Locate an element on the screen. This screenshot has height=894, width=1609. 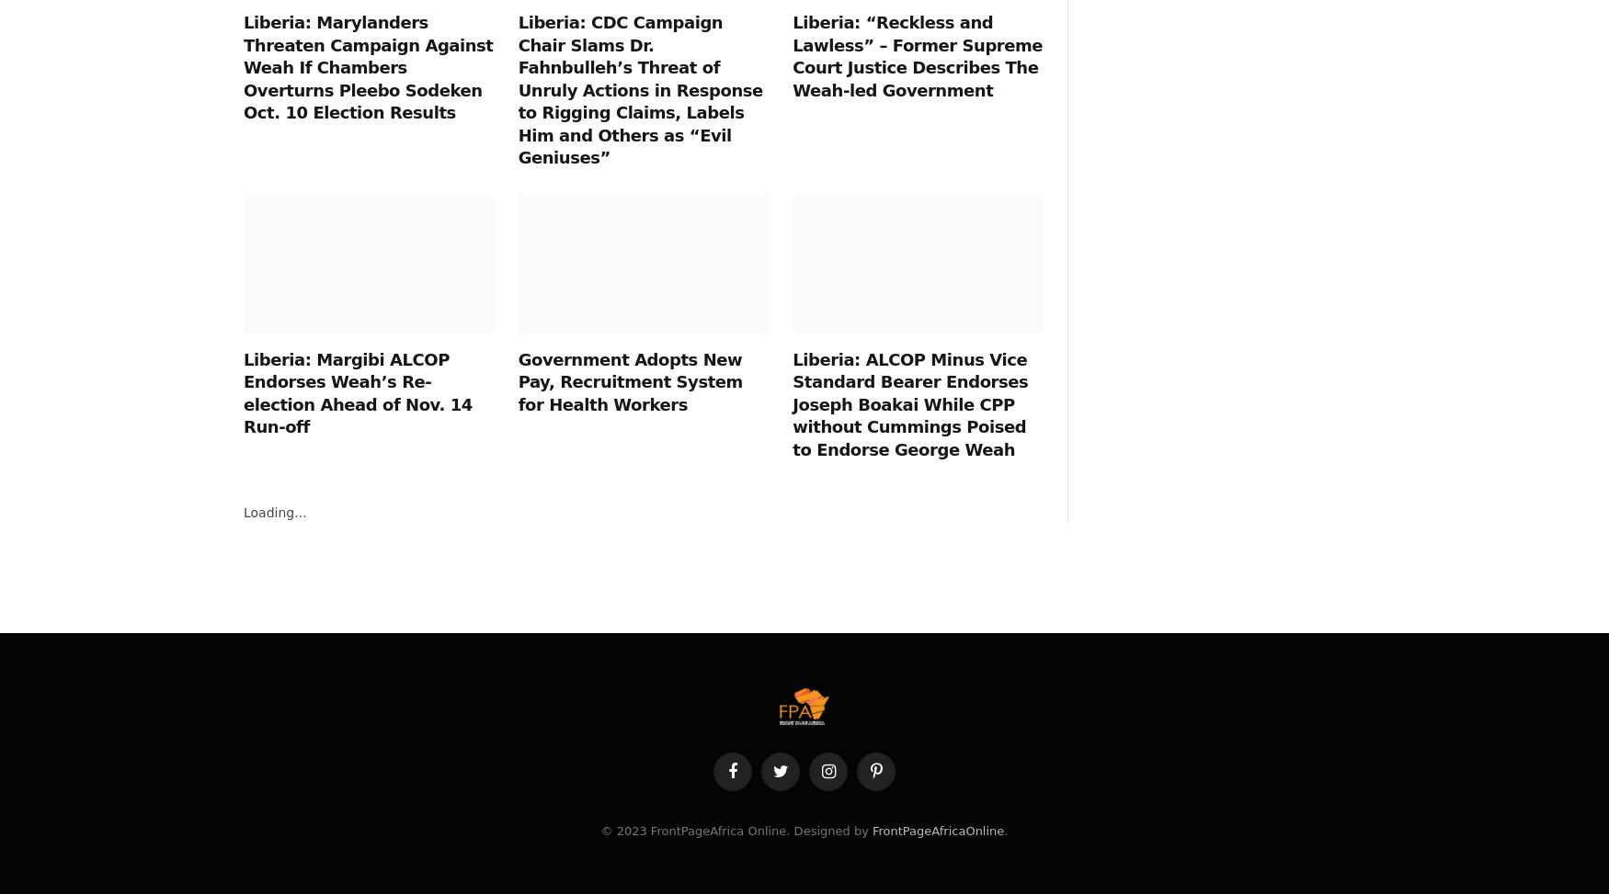
'Liberia: “Reckless and Lawless” – Former Supreme Court Justice Describes The Weah-led Government' is located at coordinates (918, 56).